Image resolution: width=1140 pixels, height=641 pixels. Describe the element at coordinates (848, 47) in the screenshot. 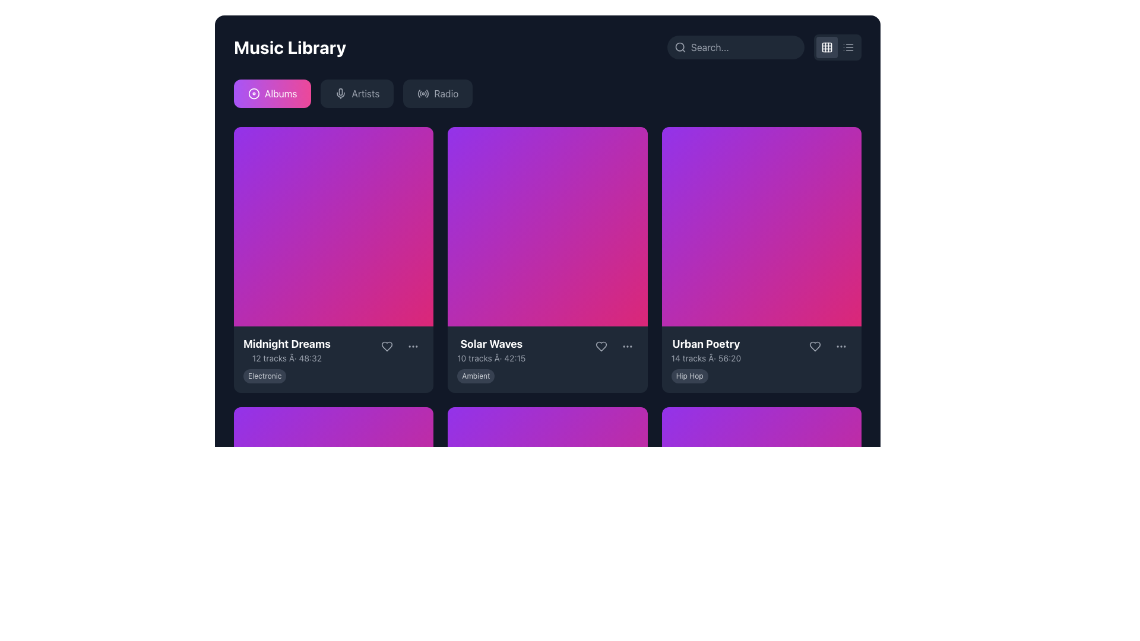

I see `the list view icon button located in the top-right corner of the interface` at that location.